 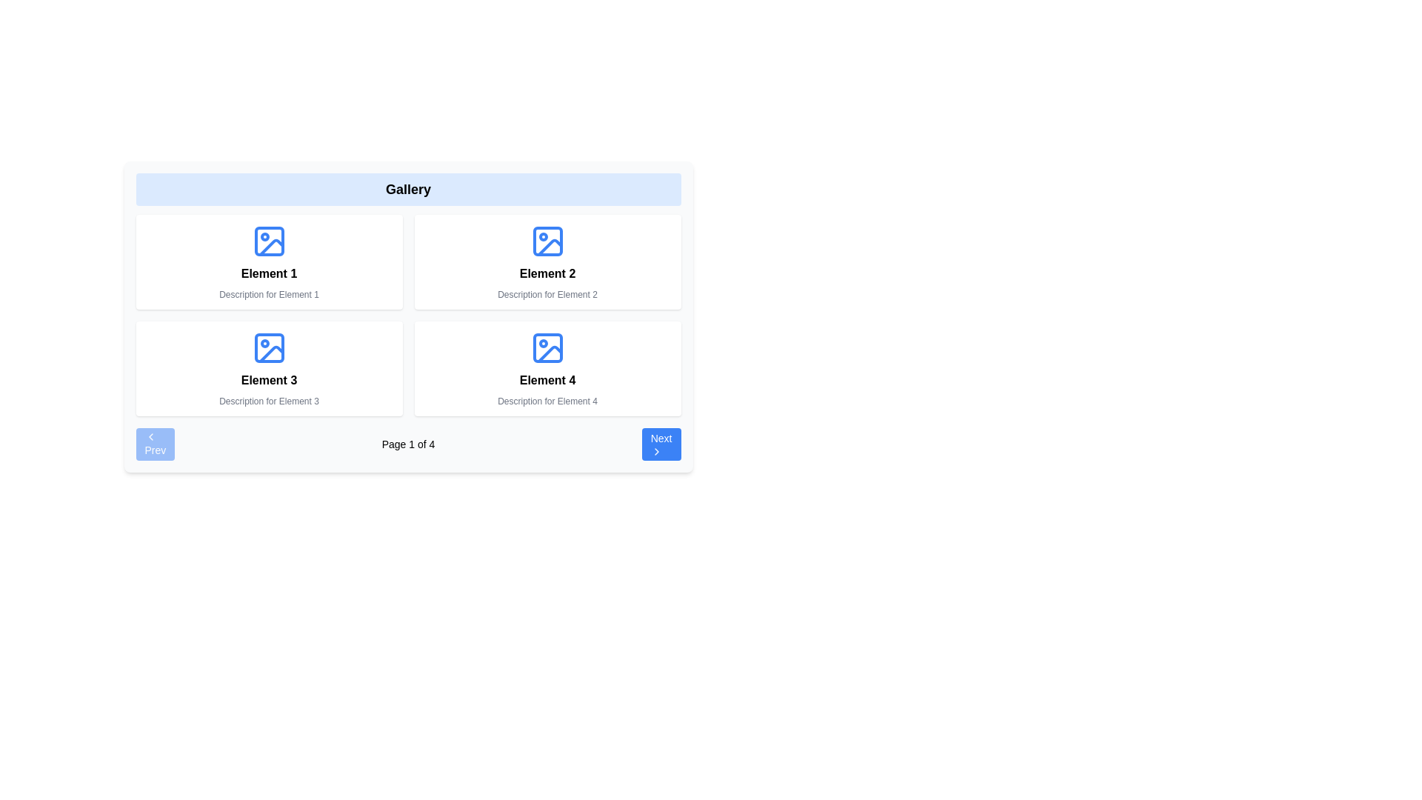 I want to click on the button located at the bottom-right corner of the interface within the navigation bar, which is the rightmost control next to 'Page 1 of 4', so click(x=660, y=444).